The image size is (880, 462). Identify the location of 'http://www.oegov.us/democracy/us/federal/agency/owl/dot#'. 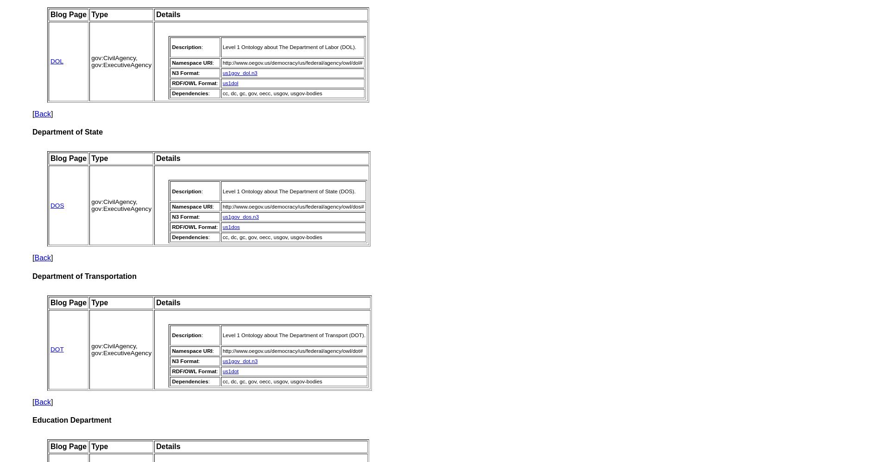
(292, 350).